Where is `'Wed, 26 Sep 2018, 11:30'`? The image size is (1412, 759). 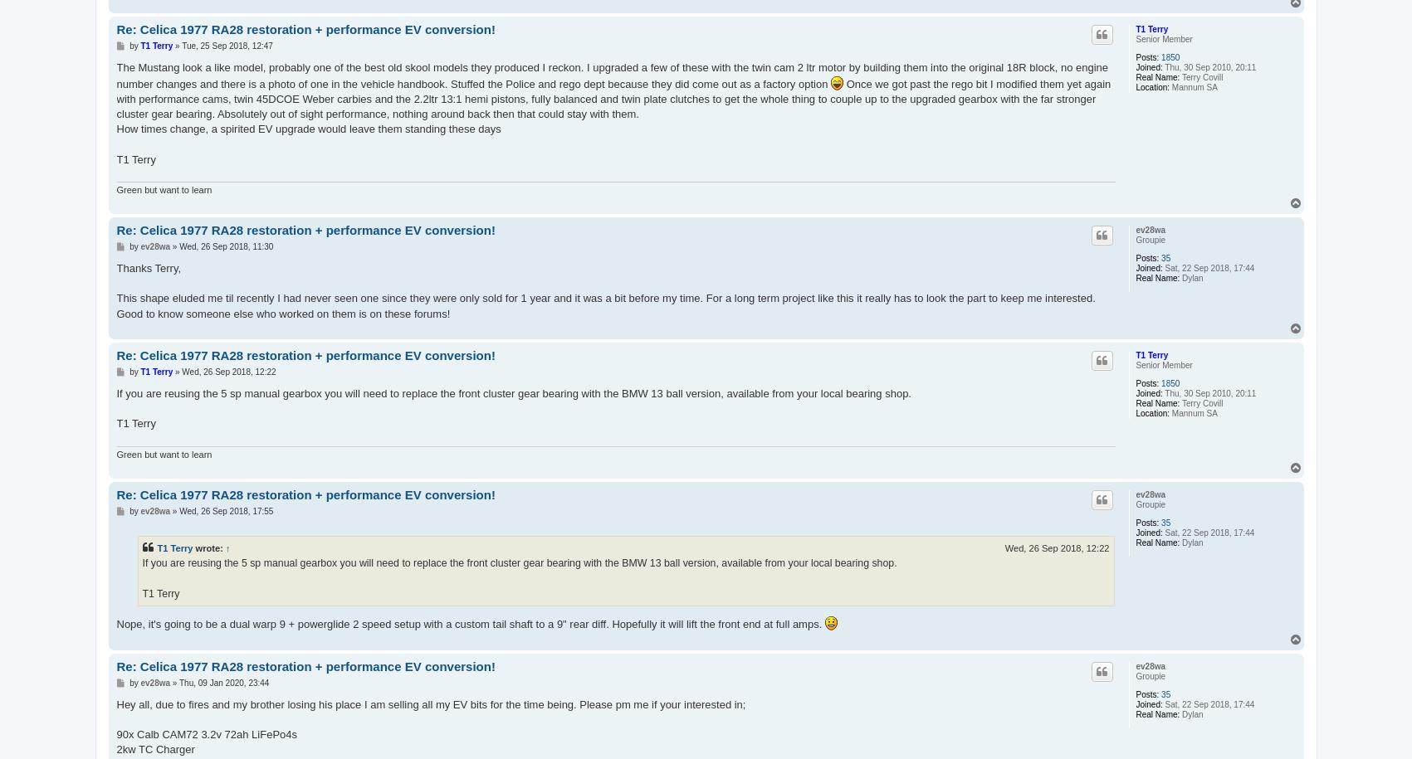 'Wed, 26 Sep 2018, 11:30' is located at coordinates (226, 246).